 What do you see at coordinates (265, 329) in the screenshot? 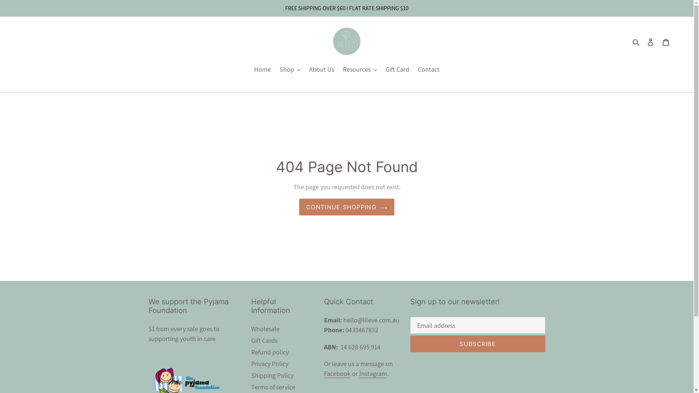
I see `'Wholesale'` at bounding box center [265, 329].